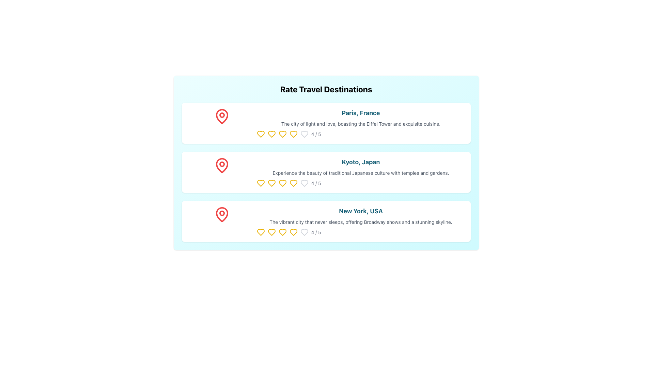 The width and height of the screenshot is (654, 368). Describe the element at coordinates (260, 183) in the screenshot. I see `the third heart icon representing the rating option for the entry titled 'Kyoto, Japan'` at that location.